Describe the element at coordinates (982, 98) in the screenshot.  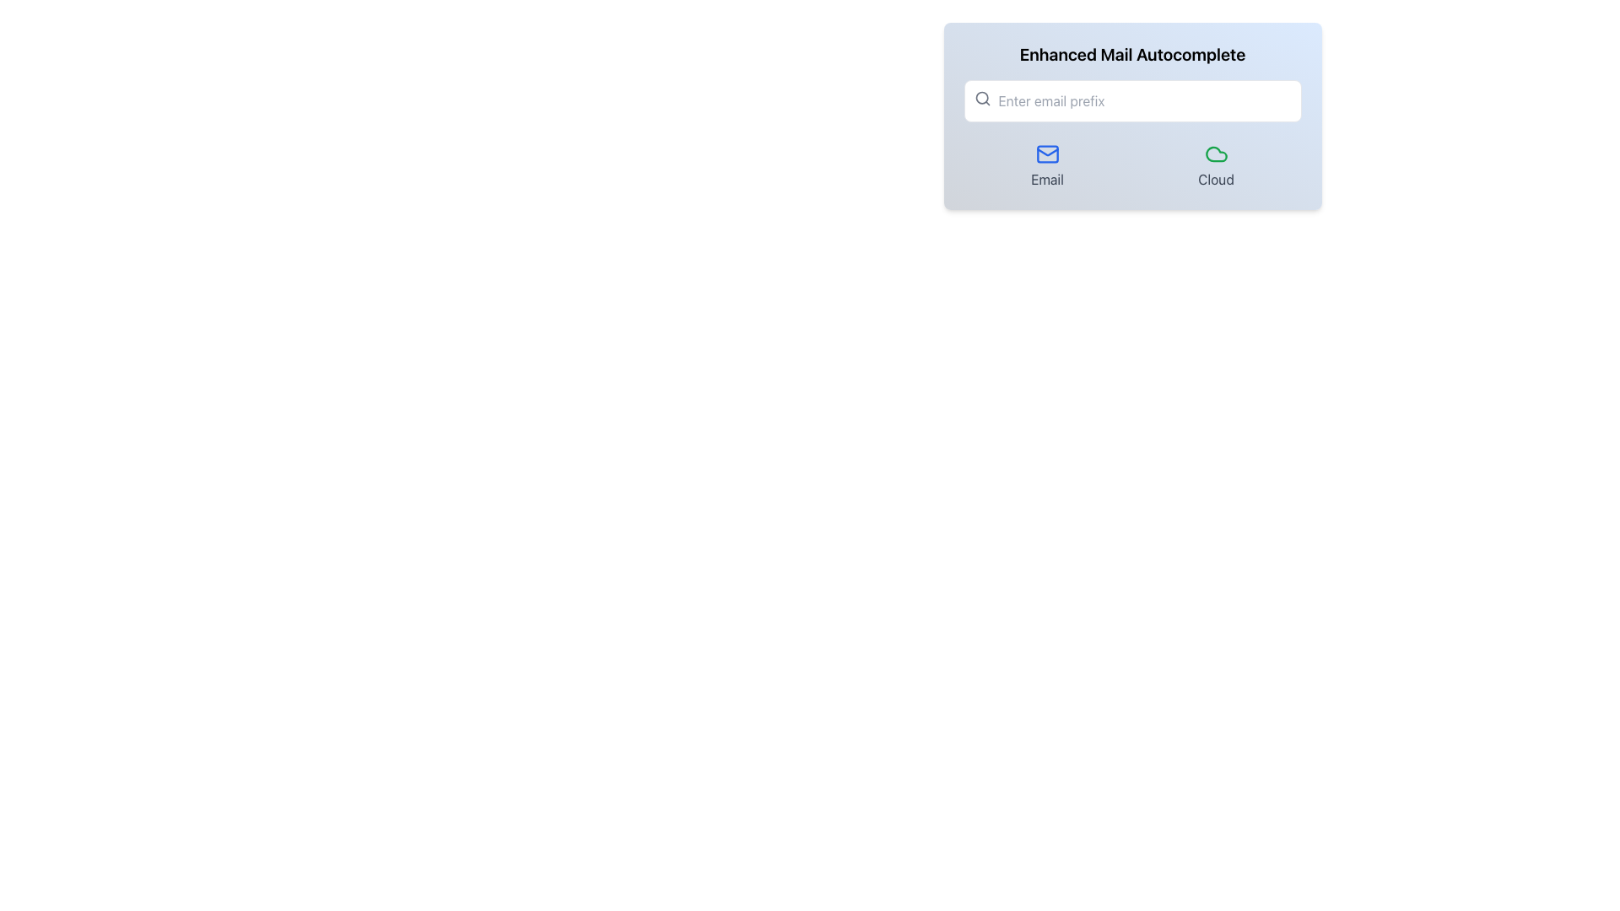
I see `the search/filter icon located at the top-left corner of the input field, which denotes the ability to search or filter results based on user input` at that location.